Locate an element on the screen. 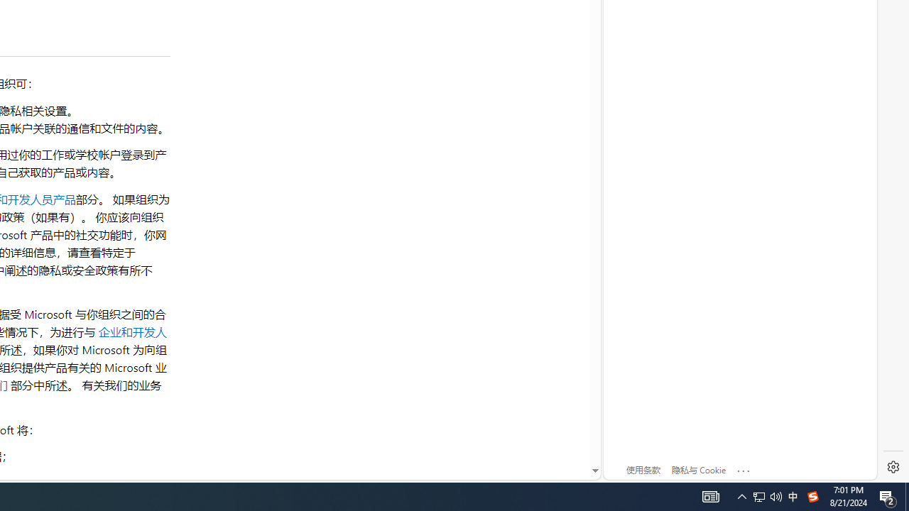 Image resolution: width=909 pixels, height=511 pixels. 'Q2790: 100%' is located at coordinates (766, 495).